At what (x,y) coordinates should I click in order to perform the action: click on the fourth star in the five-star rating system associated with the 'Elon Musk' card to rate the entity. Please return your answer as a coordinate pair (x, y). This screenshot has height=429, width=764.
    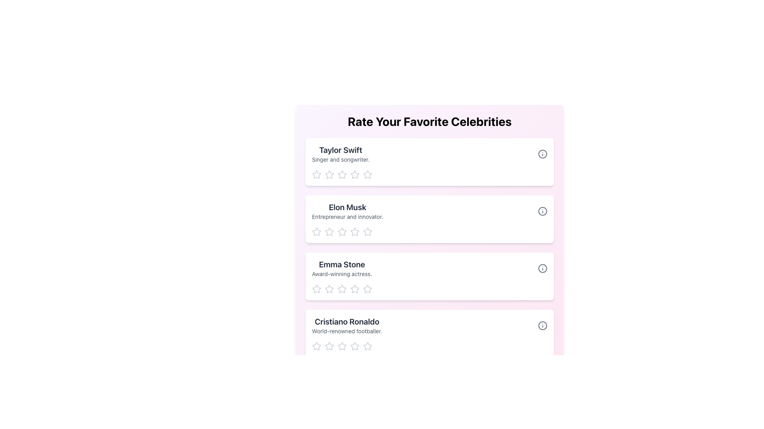
    Looking at the image, I should click on (355, 232).